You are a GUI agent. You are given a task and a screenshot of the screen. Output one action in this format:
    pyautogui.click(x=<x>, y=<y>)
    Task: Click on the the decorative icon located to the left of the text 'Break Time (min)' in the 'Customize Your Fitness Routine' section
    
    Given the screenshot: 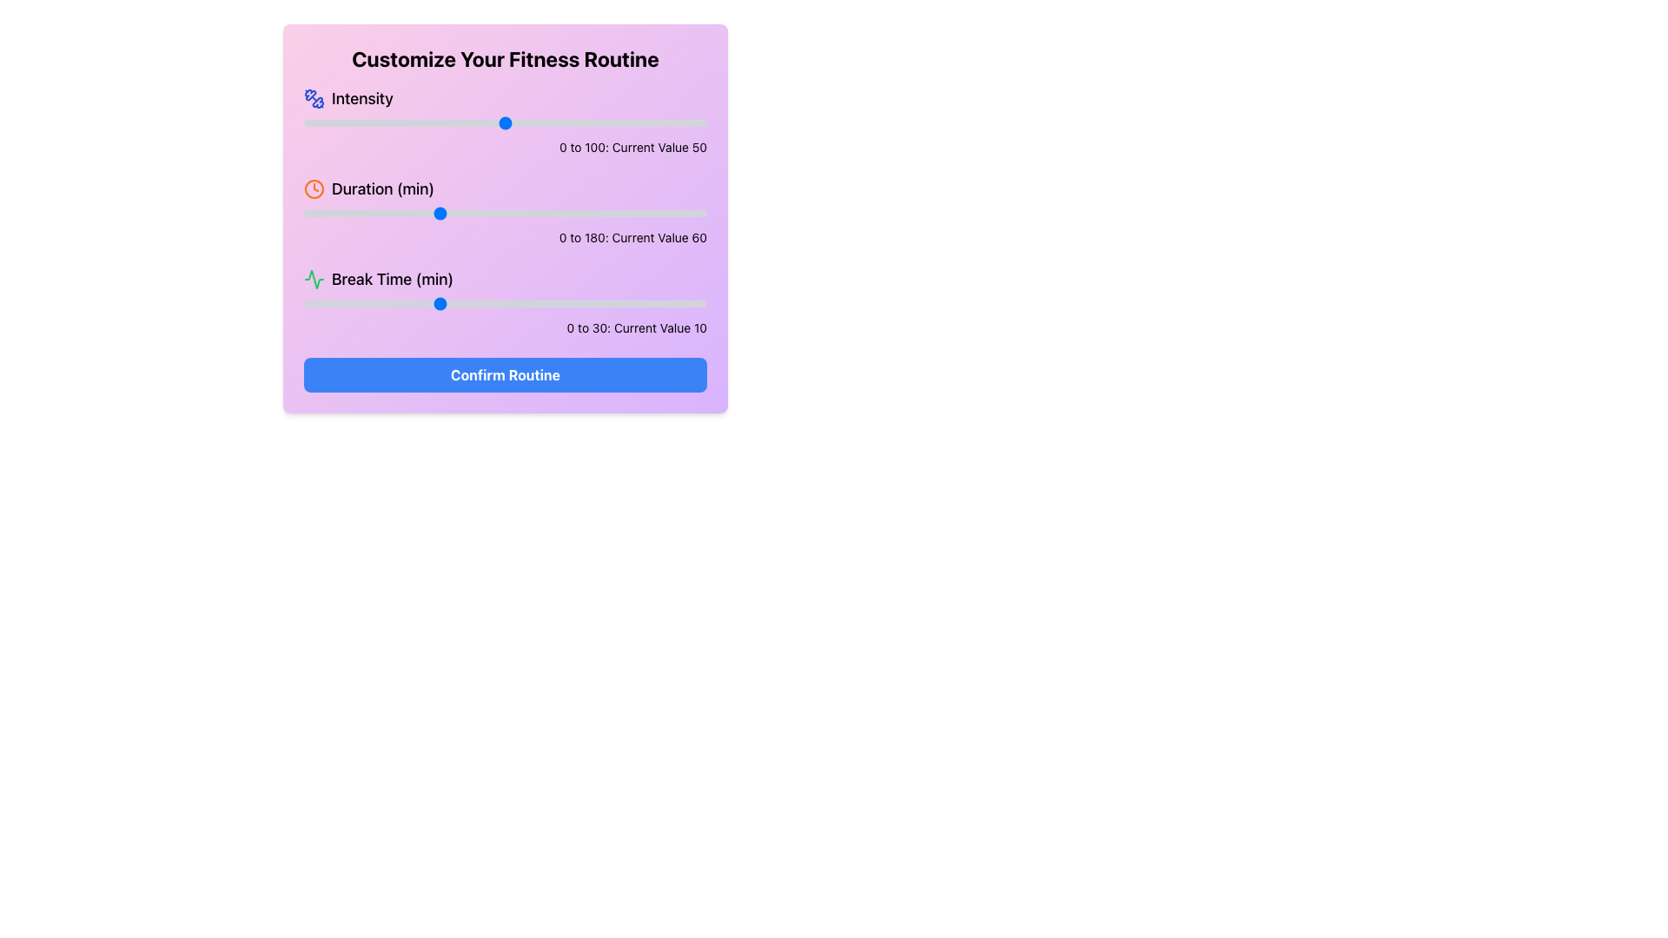 What is the action you would take?
    pyautogui.click(x=314, y=278)
    